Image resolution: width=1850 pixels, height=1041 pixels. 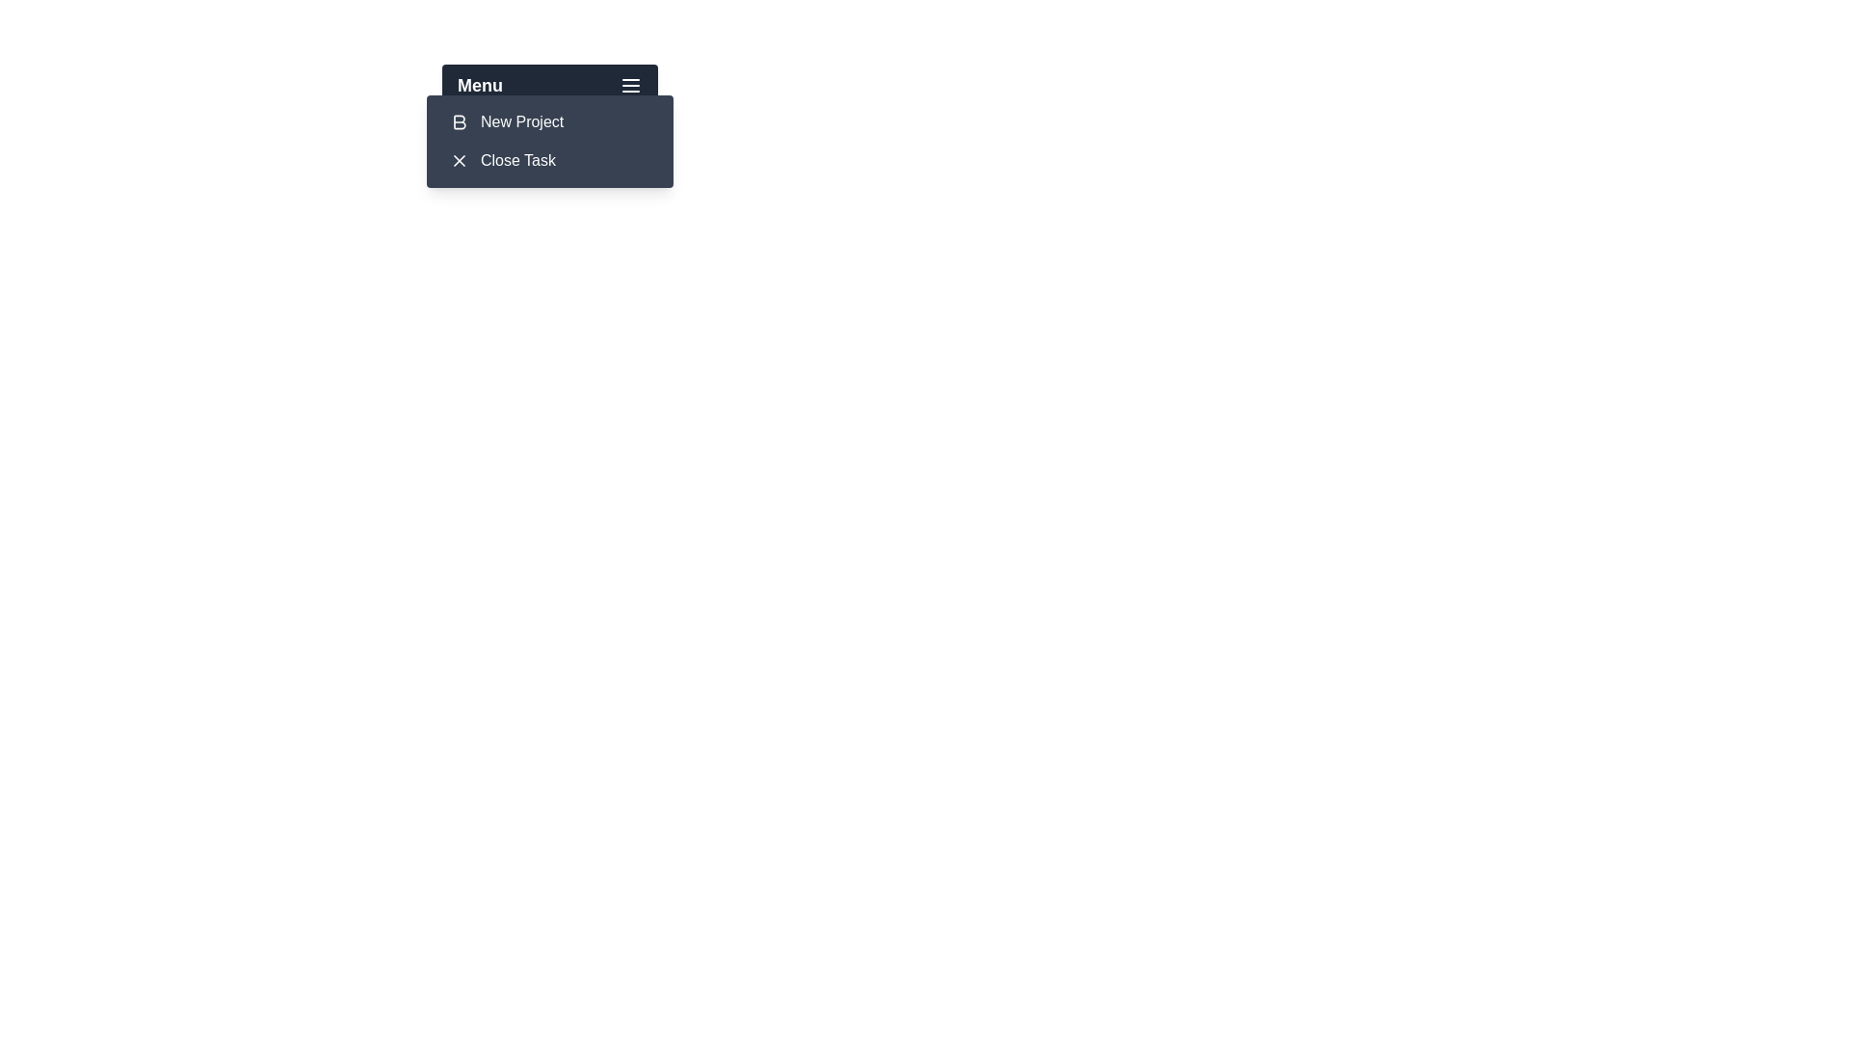 What do you see at coordinates (480, 84) in the screenshot?
I see `text of the Text Label located in the navigation bar, positioned towards the left, adjacent to the hamburger menu icon` at bounding box center [480, 84].